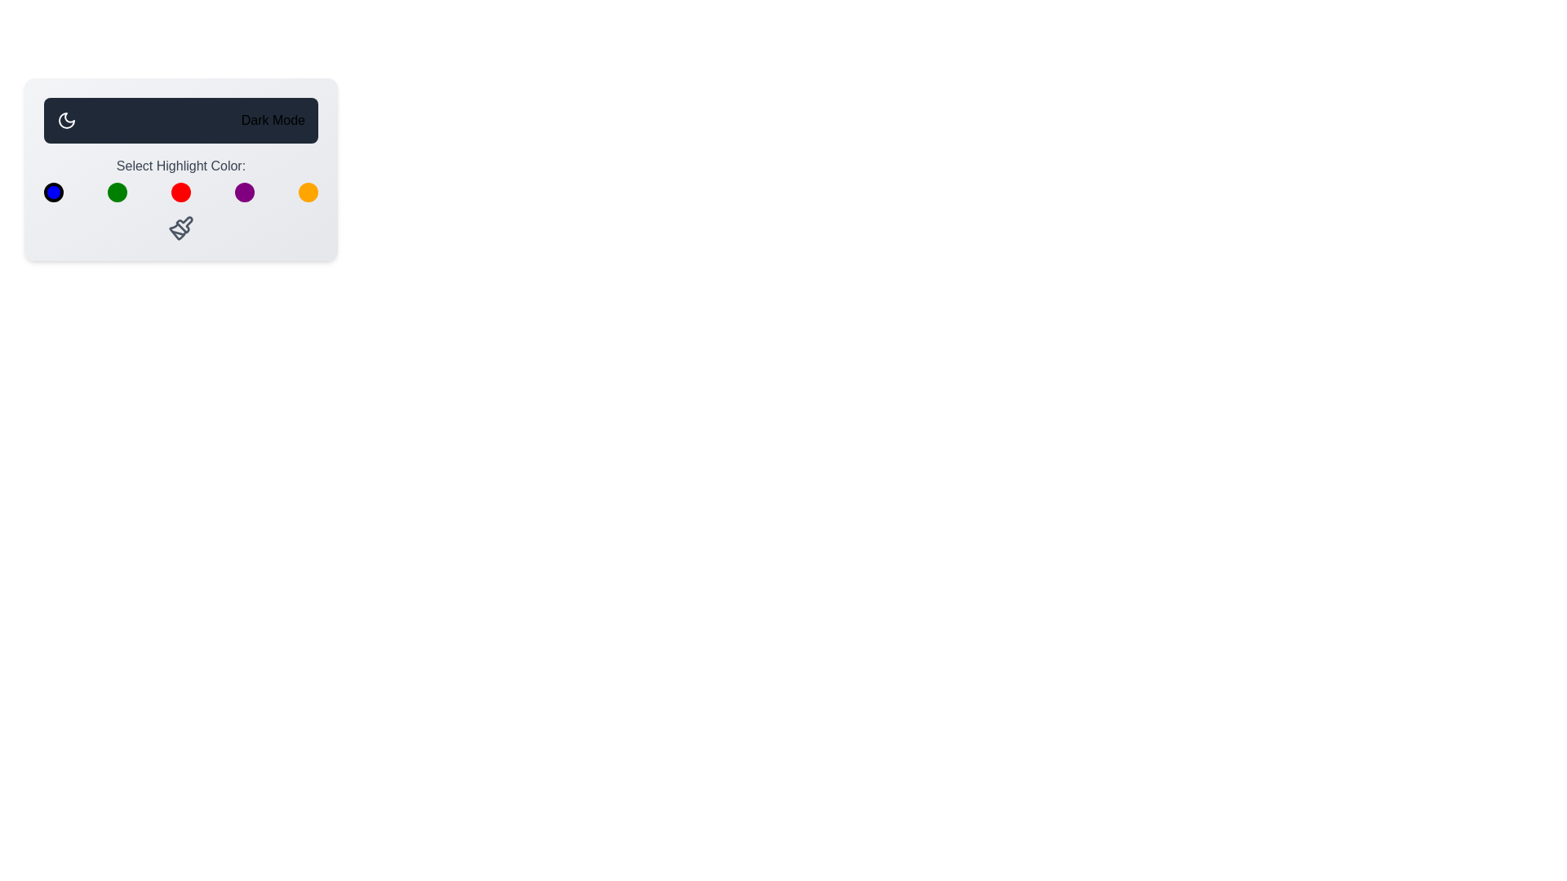 Image resolution: width=1567 pixels, height=881 pixels. Describe the element at coordinates (243, 191) in the screenshot. I see `the fourth circular button with a purple background and light border` at that location.